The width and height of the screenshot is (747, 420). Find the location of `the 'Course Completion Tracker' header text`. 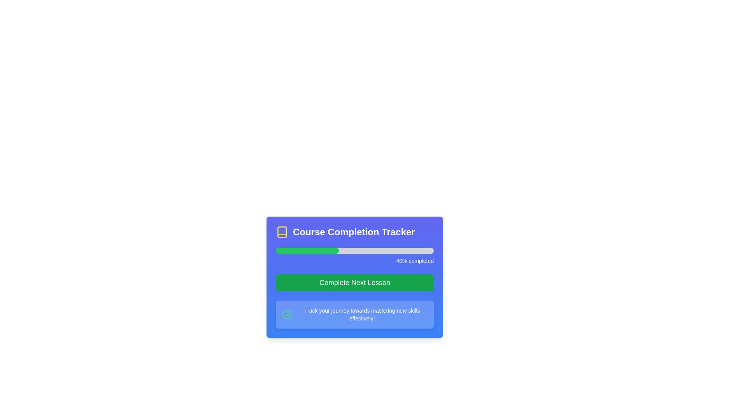

the 'Course Completion Tracker' header text is located at coordinates (354, 232).